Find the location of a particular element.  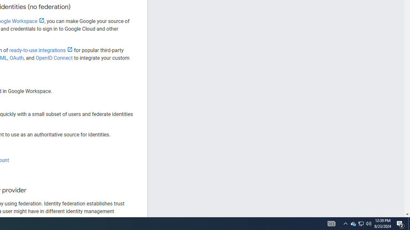

'OAuth' is located at coordinates (16, 58).